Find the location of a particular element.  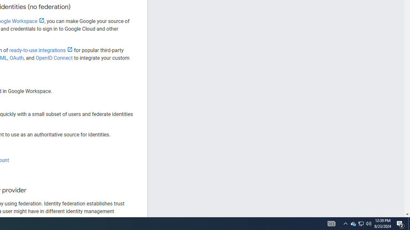

'OAuth' is located at coordinates (16, 58).